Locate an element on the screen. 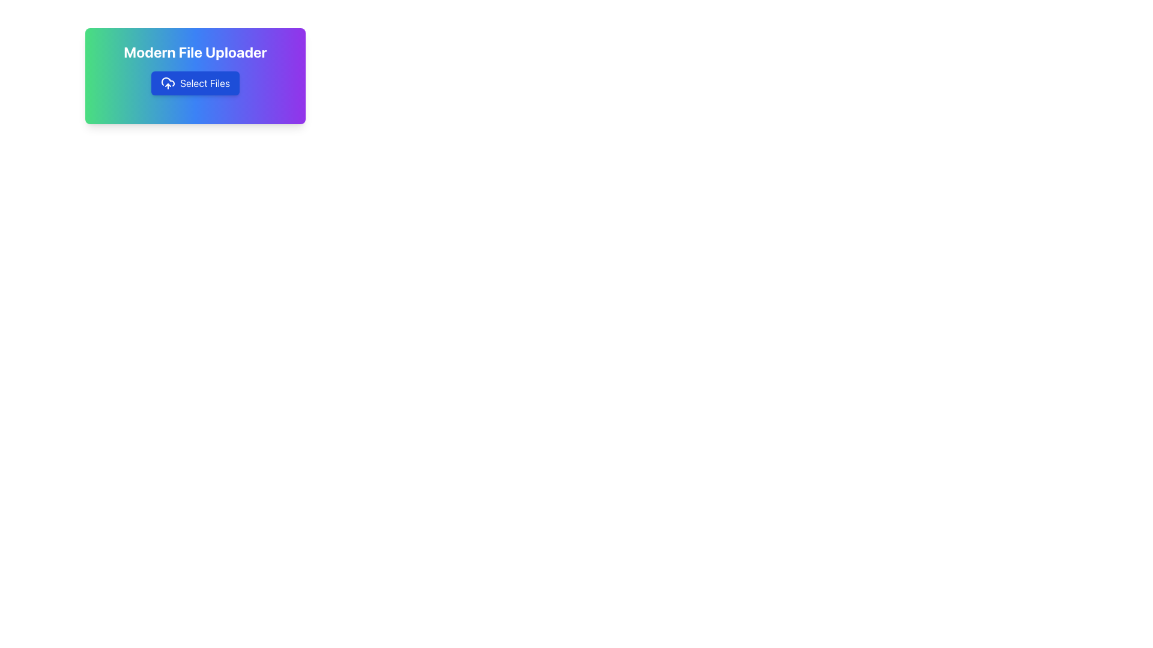 The width and height of the screenshot is (1153, 648). the upload icon within the 'Select Files' button in the 'Modern File Uploader' UI component, which is visually distinct against a blue background is located at coordinates (168, 82).